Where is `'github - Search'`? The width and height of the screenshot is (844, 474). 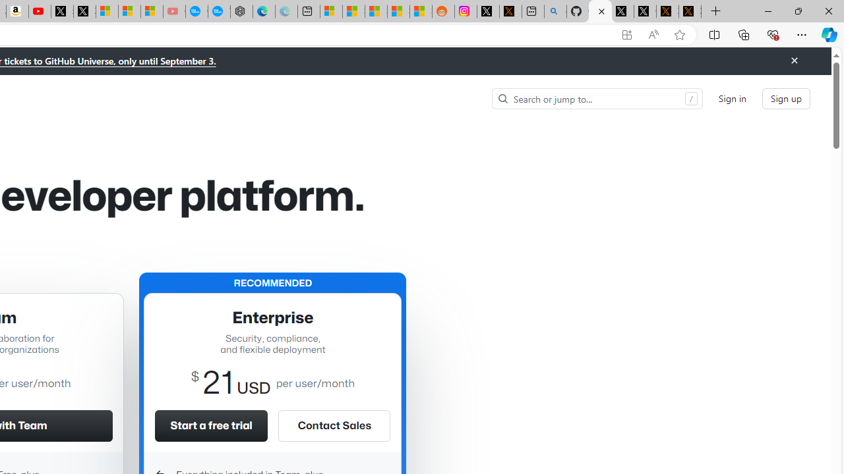 'github - Search' is located at coordinates (555, 11).